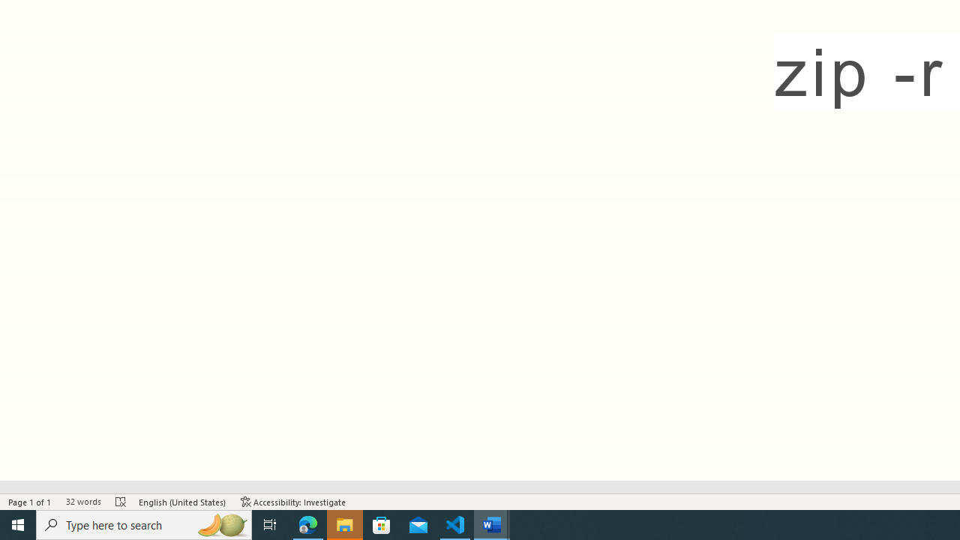 This screenshot has height=540, width=960. What do you see at coordinates (30, 502) in the screenshot?
I see `'Page Number Page 1 of 1'` at bounding box center [30, 502].